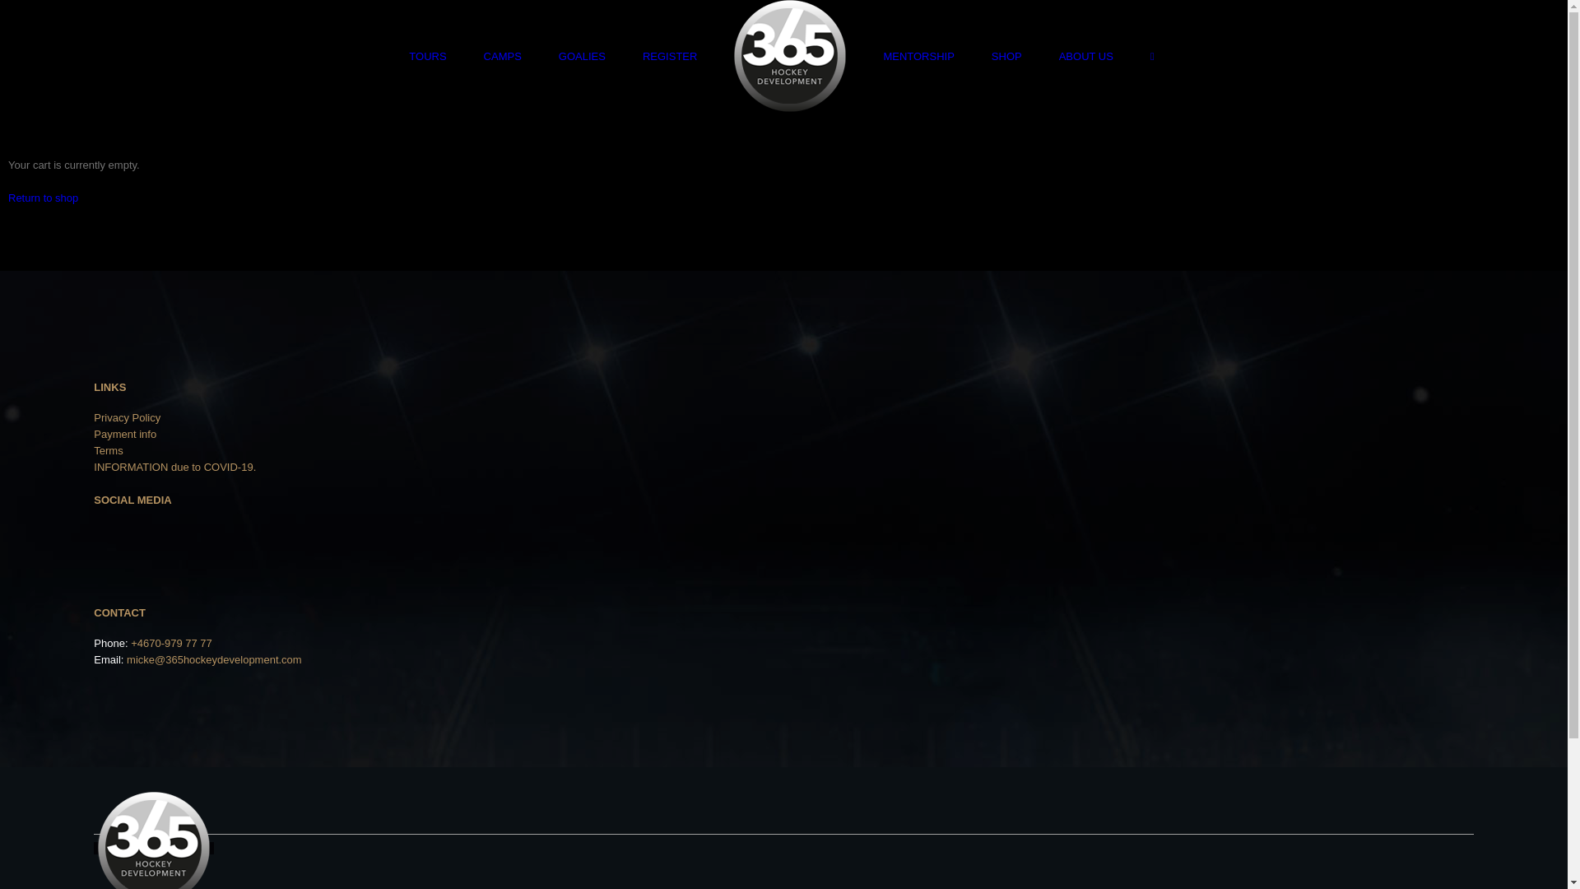 This screenshot has height=889, width=1580. I want to click on '+4670-979 77 77', so click(171, 642).